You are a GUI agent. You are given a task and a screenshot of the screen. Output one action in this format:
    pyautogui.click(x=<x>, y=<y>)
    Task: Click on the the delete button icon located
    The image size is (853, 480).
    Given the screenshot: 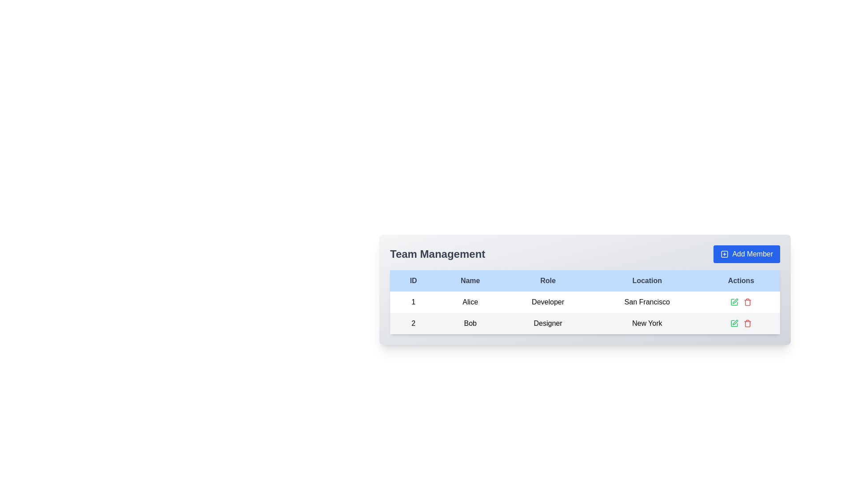 What is the action you would take?
    pyautogui.click(x=747, y=324)
    